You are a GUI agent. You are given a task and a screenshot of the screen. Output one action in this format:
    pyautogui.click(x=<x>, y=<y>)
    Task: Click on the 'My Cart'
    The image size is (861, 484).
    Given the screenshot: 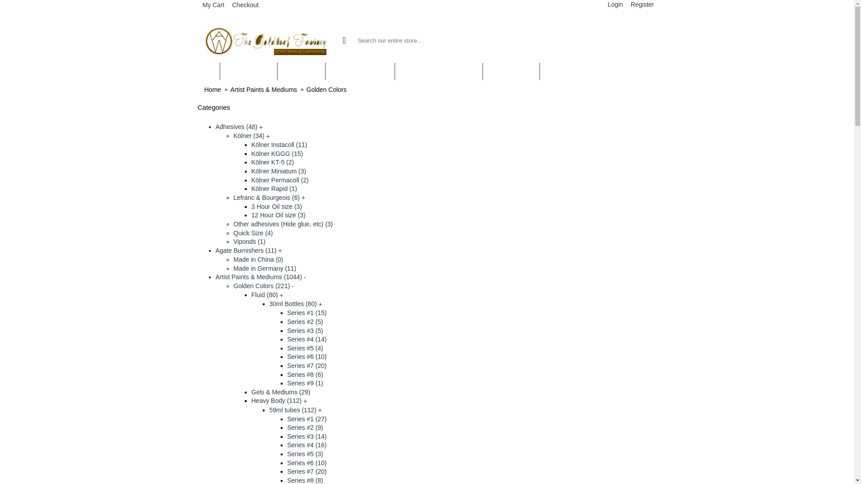 What is the action you would take?
    pyautogui.click(x=212, y=5)
    